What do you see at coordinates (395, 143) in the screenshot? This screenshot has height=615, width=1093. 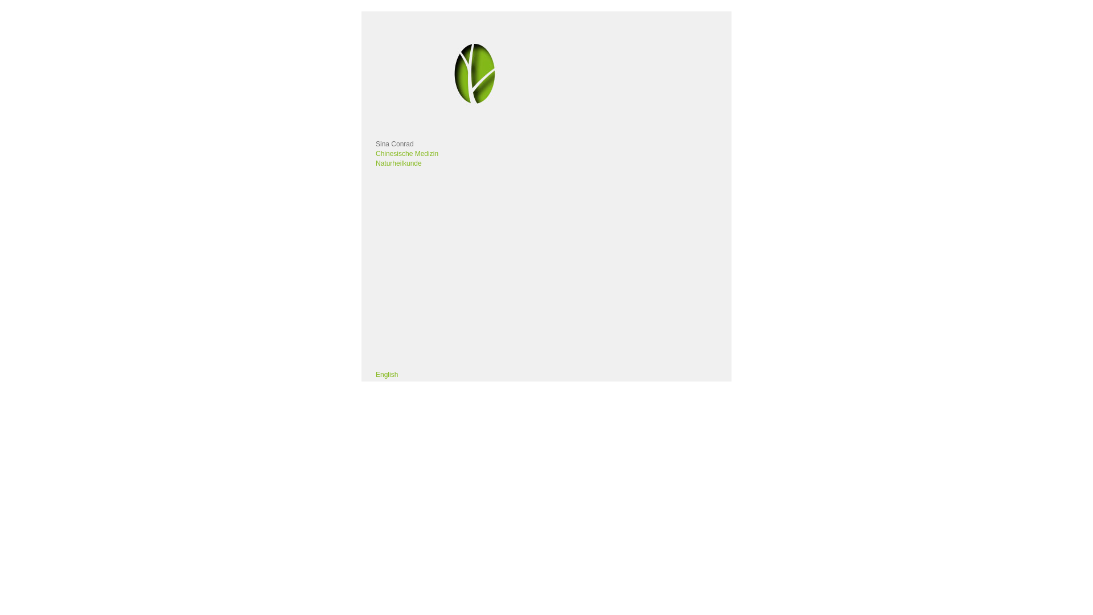 I see `'Sina Conrad'` at bounding box center [395, 143].